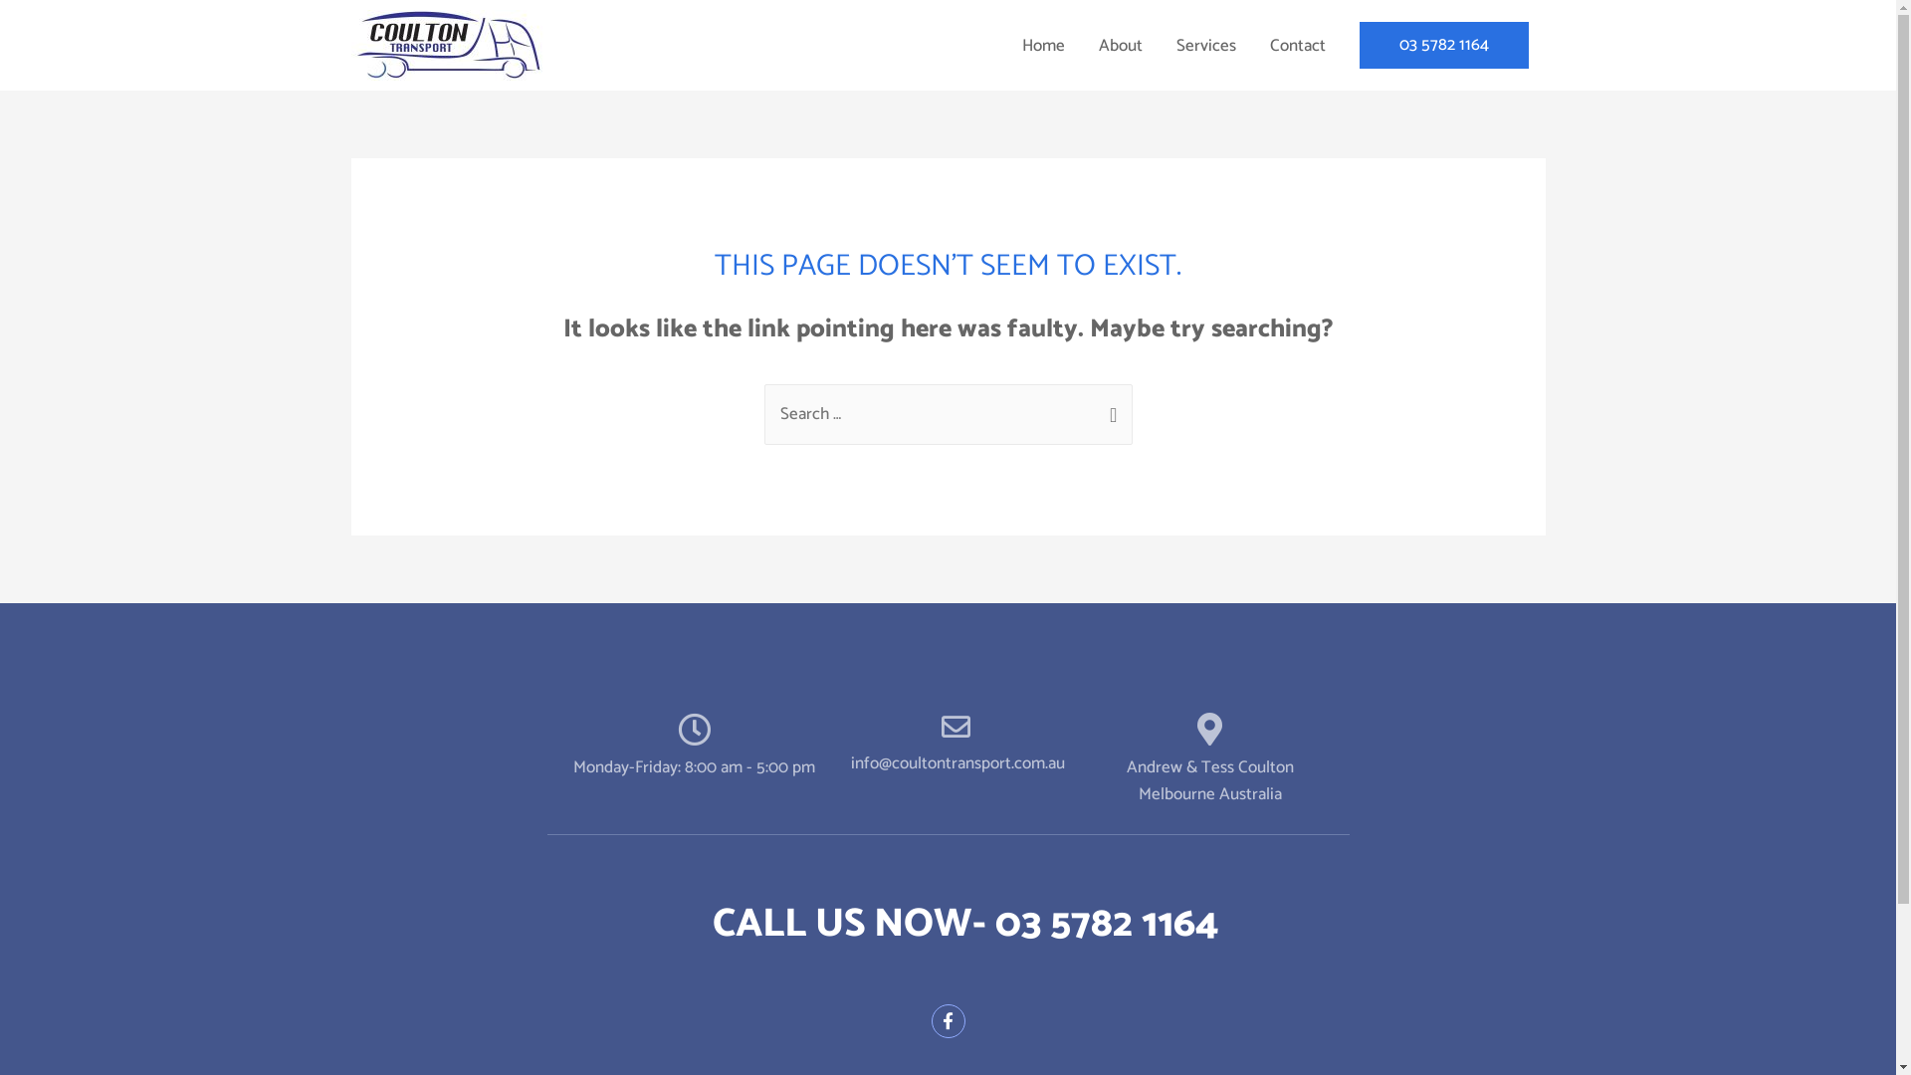  I want to click on 'Search', so click(1108, 404).